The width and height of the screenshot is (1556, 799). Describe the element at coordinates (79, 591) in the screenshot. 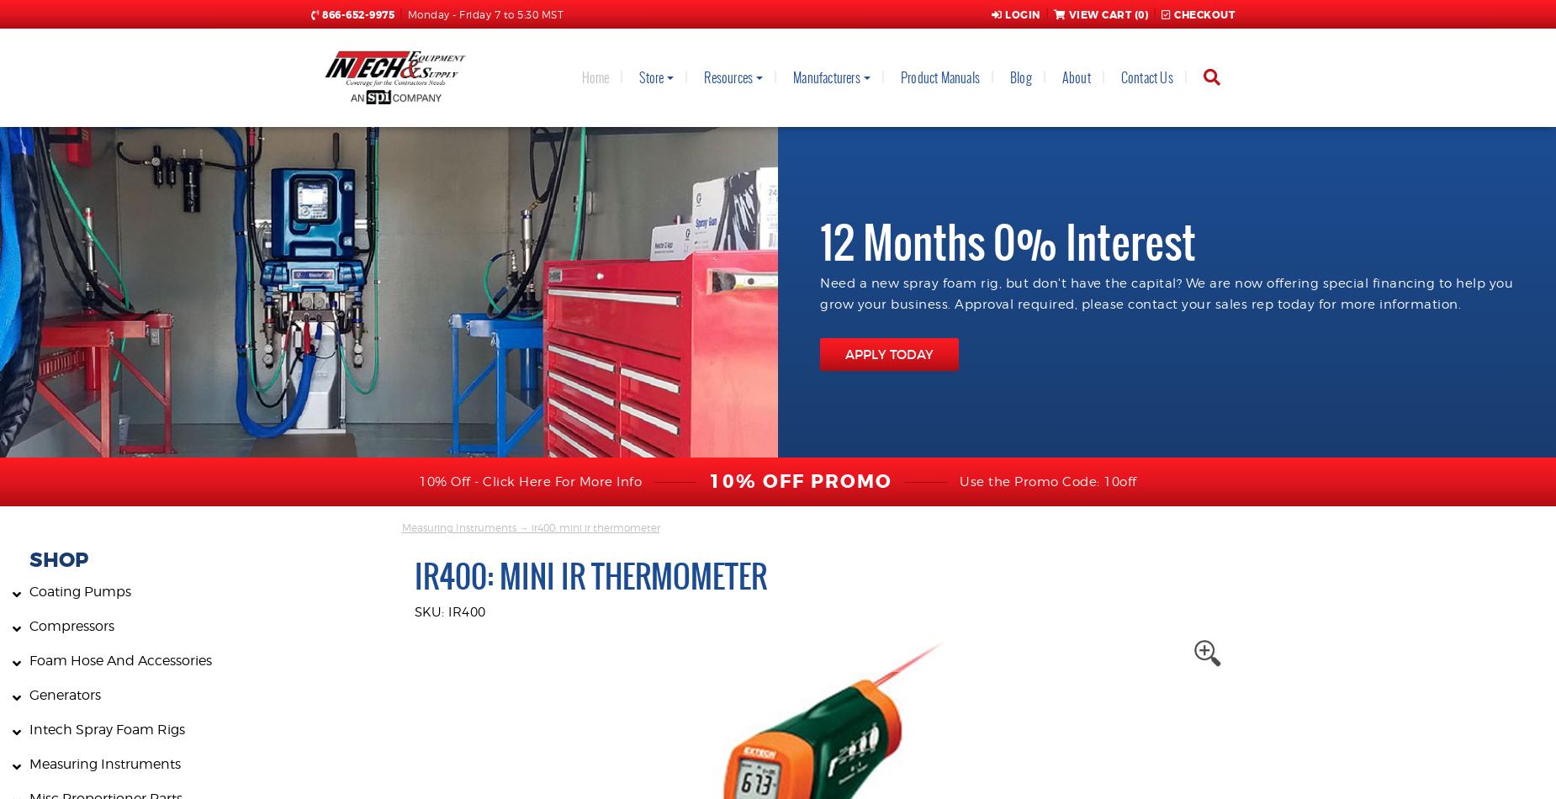

I see `'Coating Pumps'` at that location.